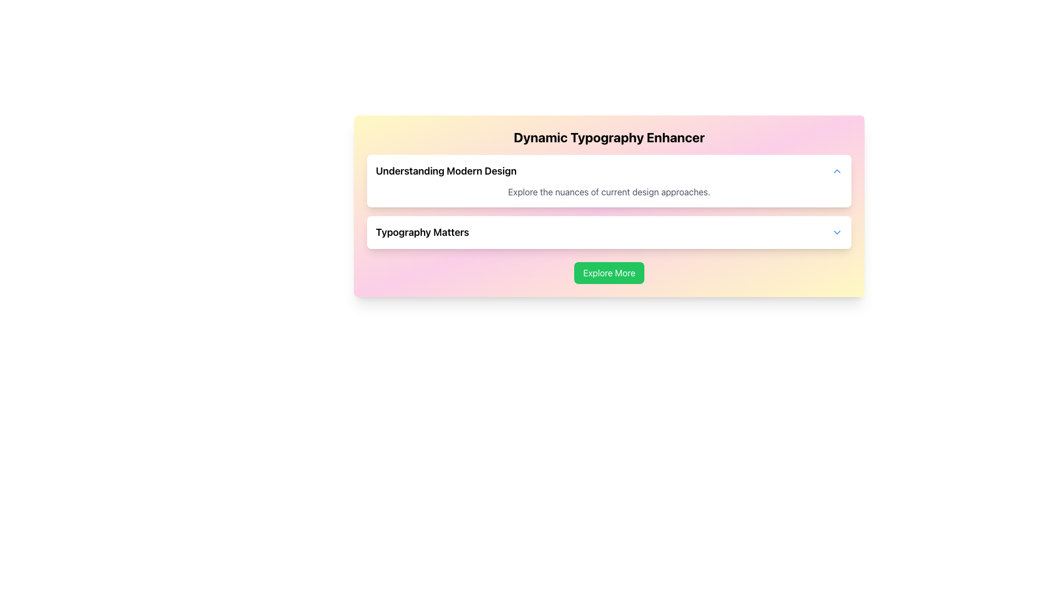 The height and width of the screenshot is (591, 1052). What do you see at coordinates (609, 202) in the screenshot?
I see `the Informational Section titled 'Understanding Modern Design' to interact with its embedded elements` at bounding box center [609, 202].